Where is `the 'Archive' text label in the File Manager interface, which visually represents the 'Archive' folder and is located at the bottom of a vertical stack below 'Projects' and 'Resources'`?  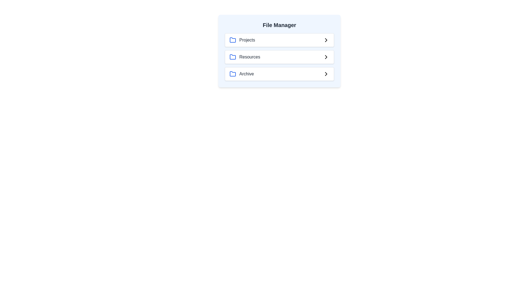 the 'Archive' text label in the File Manager interface, which visually represents the 'Archive' folder and is located at the bottom of a vertical stack below 'Projects' and 'Resources' is located at coordinates (246, 74).